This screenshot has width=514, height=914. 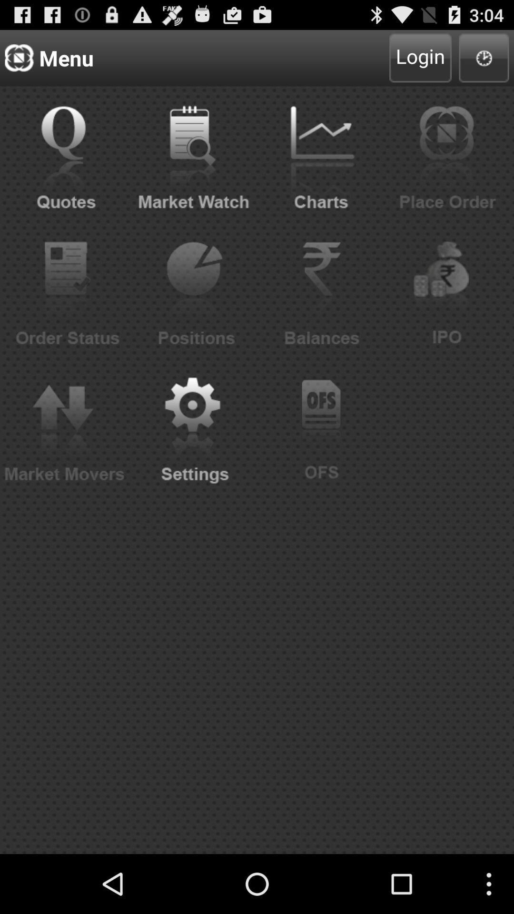 What do you see at coordinates (420, 57) in the screenshot?
I see `login` at bounding box center [420, 57].